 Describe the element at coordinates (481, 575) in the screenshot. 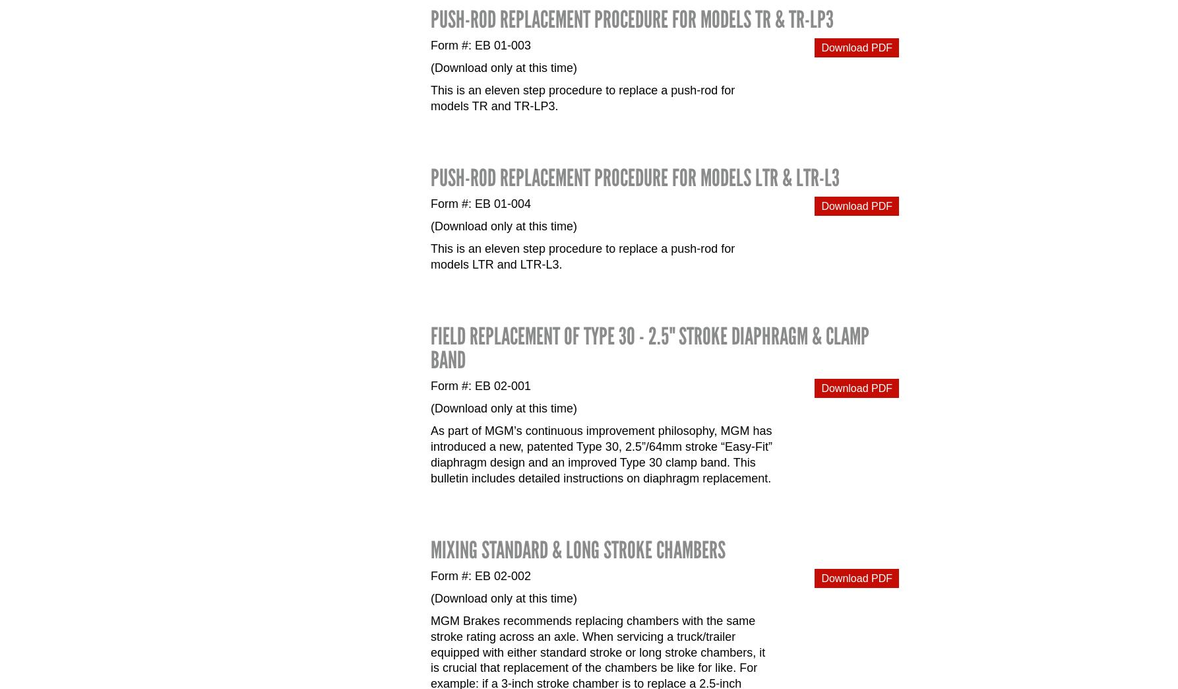

I see `'Form #: EB 02-002'` at that location.